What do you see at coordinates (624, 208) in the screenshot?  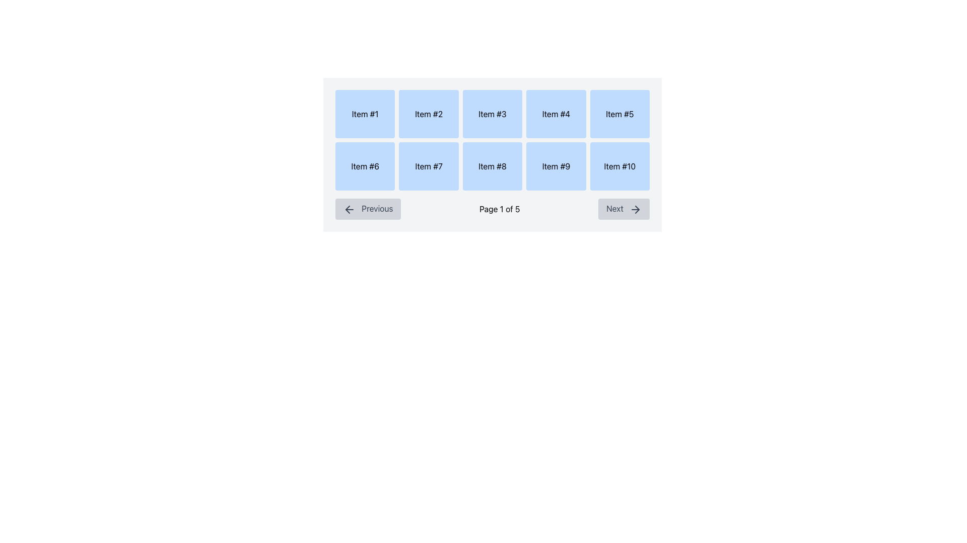 I see `the navigation button at the bottom-right of the interface` at bounding box center [624, 208].